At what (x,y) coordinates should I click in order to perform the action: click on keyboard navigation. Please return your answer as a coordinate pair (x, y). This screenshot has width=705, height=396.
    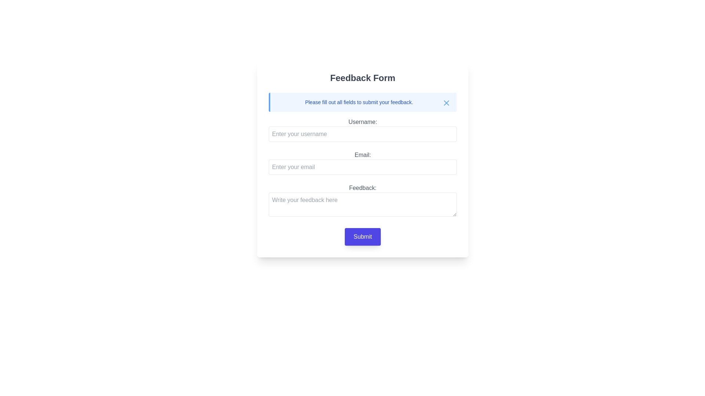
    Looking at the image, I should click on (363, 201).